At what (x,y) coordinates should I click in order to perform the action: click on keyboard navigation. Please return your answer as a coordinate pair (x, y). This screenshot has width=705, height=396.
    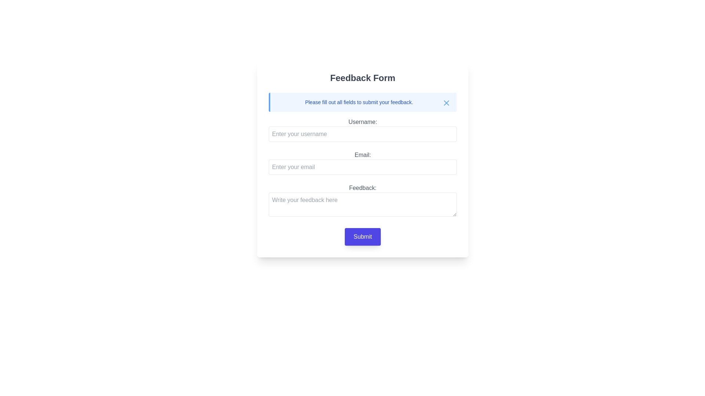
    Looking at the image, I should click on (363, 201).